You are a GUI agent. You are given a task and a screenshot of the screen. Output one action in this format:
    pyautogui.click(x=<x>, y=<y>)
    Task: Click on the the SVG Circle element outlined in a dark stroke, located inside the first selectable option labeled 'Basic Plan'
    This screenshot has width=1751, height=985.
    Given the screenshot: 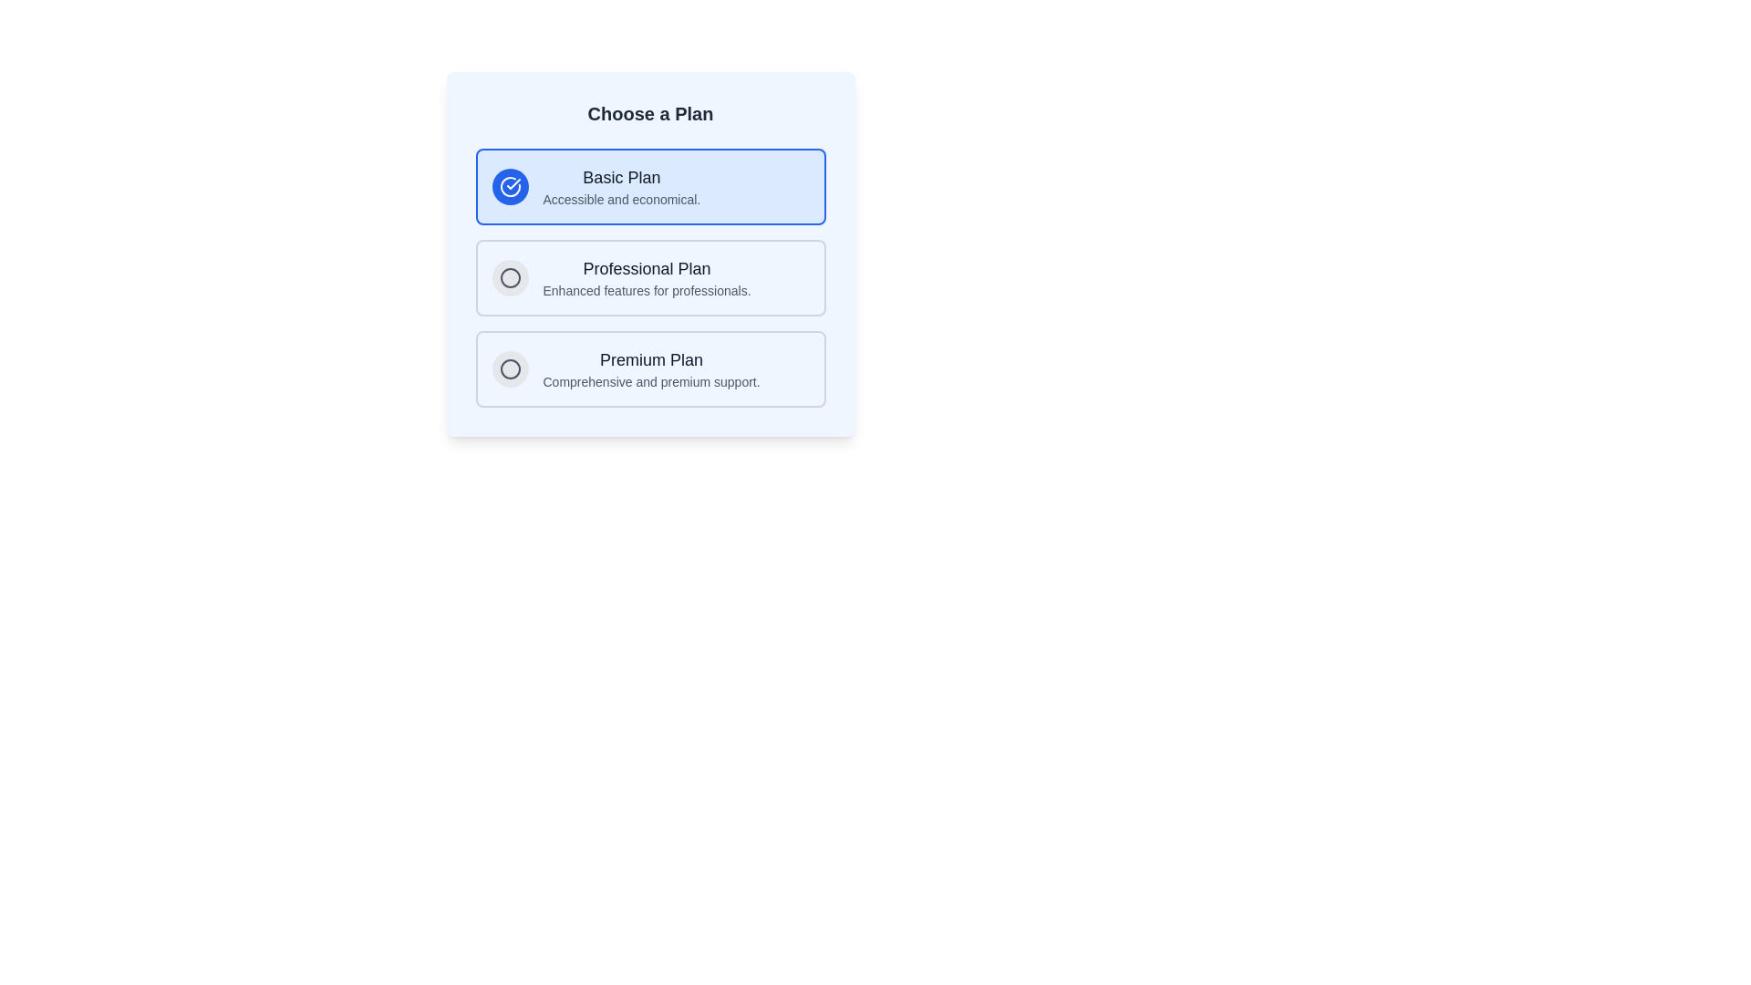 What is the action you would take?
    pyautogui.click(x=510, y=277)
    